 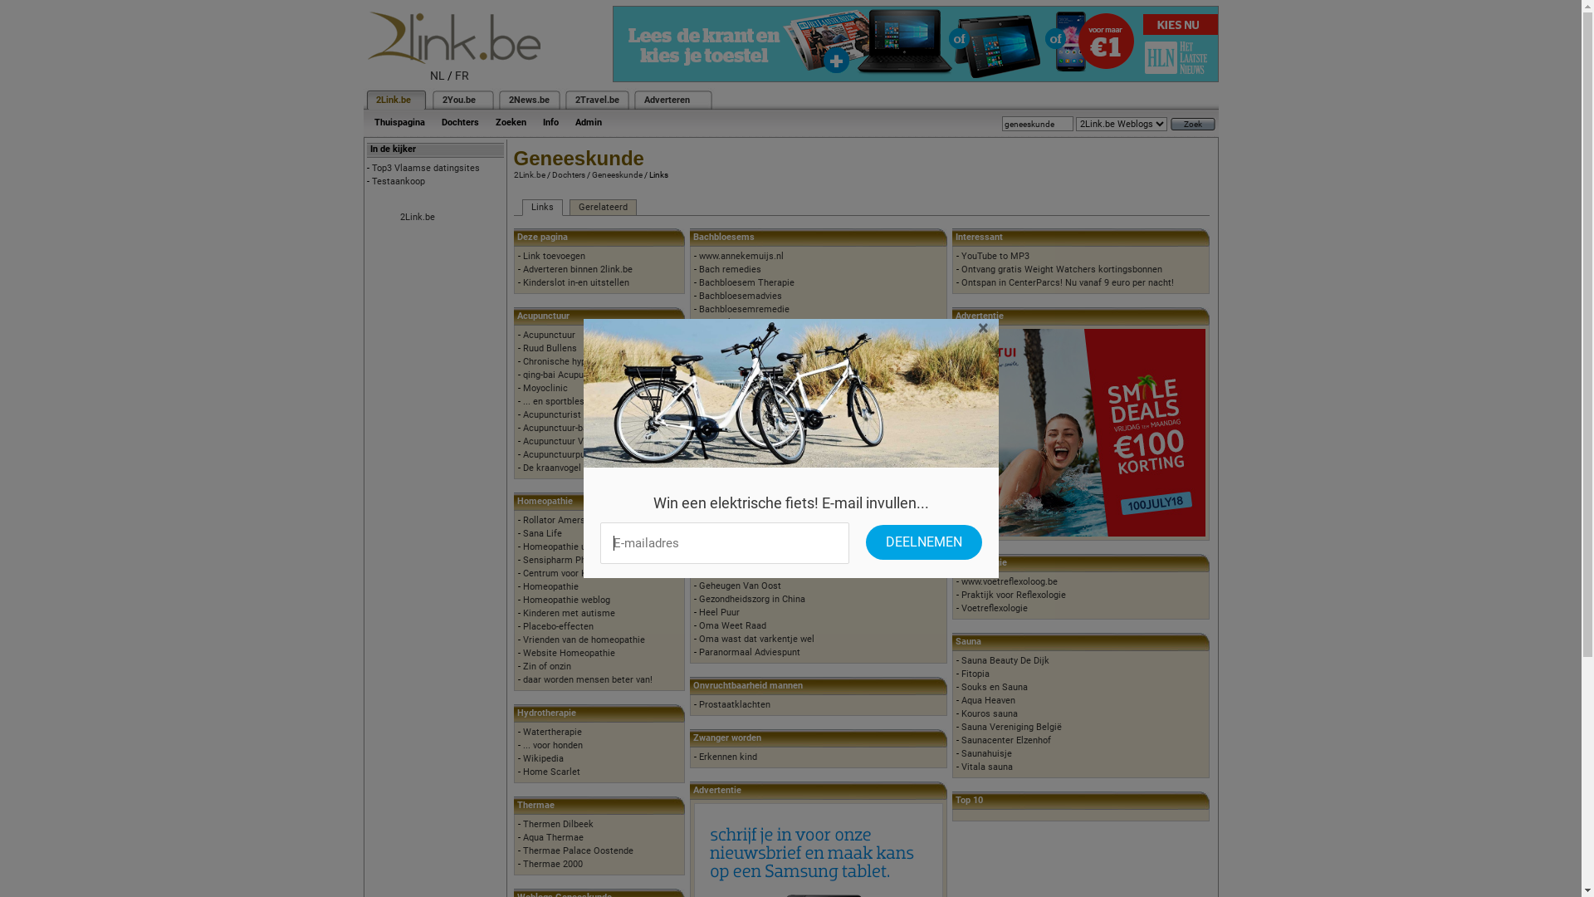 What do you see at coordinates (588, 121) in the screenshot?
I see `'Admin'` at bounding box center [588, 121].